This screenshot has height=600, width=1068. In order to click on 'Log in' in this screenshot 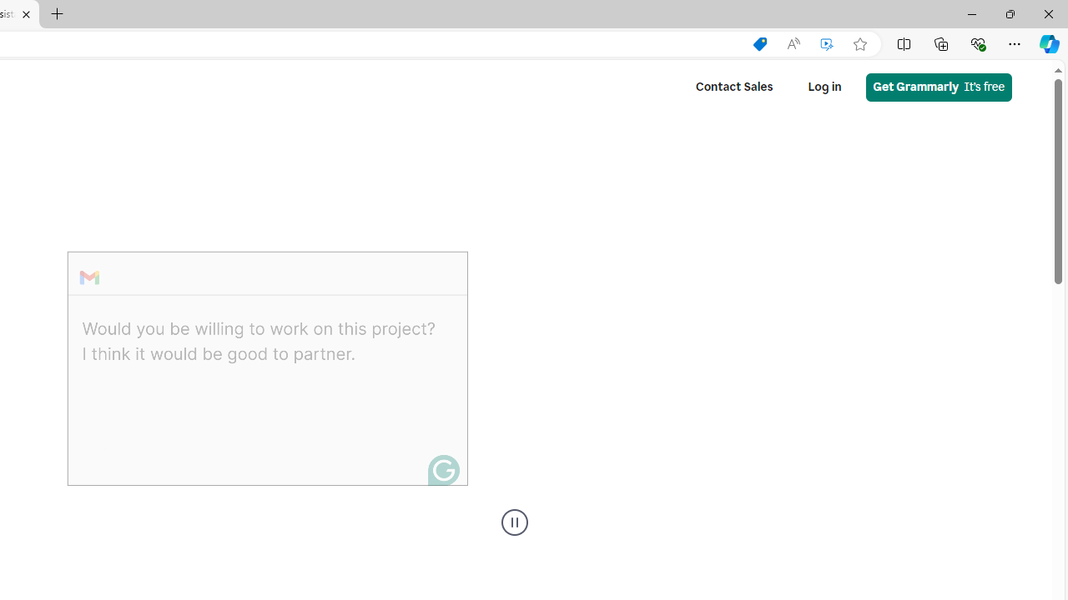, I will do `click(824, 87)`.